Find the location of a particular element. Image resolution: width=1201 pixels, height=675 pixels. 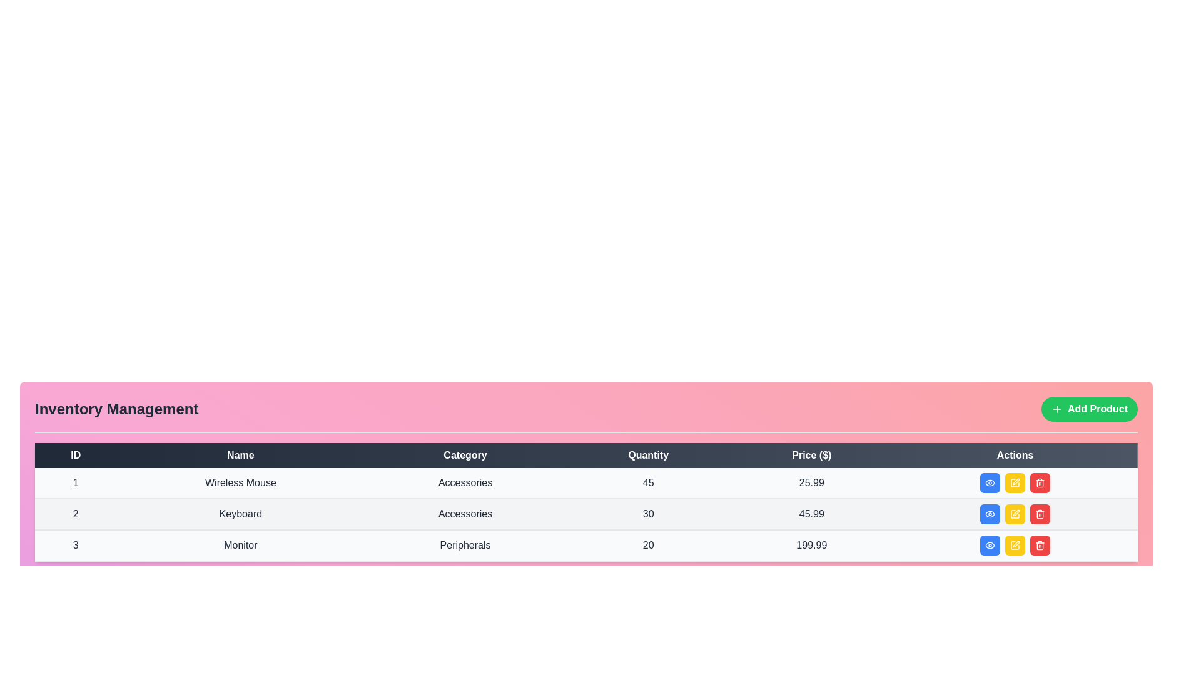

the Text Label displaying the price of the product 'Keyboard' in the second row of the inventory management table, located in the 'Price ($)' column is located at coordinates (811, 514).